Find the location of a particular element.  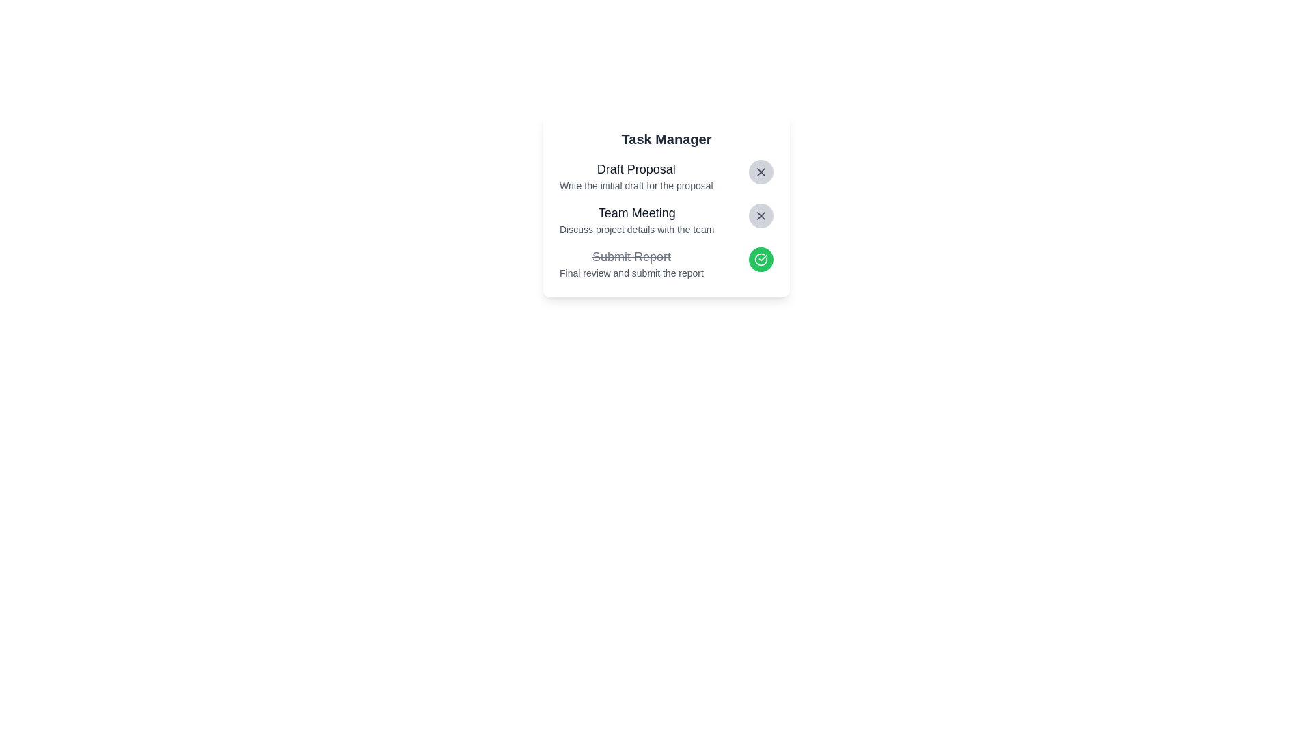

the informational display for the task 'Draft Proposal' that includes the description 'Write the initial draft for the proposal' in the 'Task Manager' section is located at coordinates (635, 176).